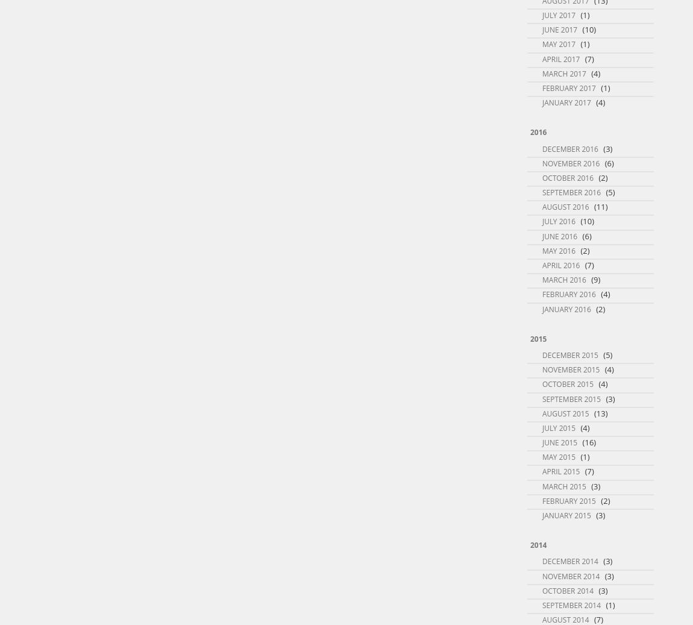 The image size is (693, 625). What do you see at coordinates (559, 14) in the screenshot?
I see `'July 2017'` at bounding box center [559, 14].